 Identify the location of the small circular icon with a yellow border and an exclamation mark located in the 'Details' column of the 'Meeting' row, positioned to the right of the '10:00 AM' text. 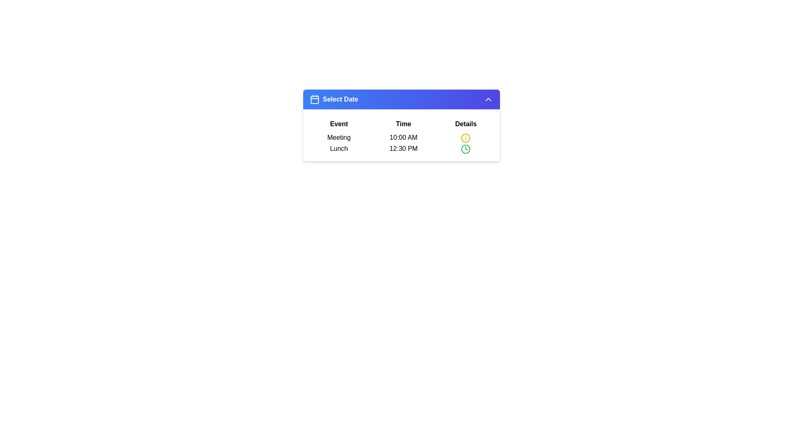
(466, 137).